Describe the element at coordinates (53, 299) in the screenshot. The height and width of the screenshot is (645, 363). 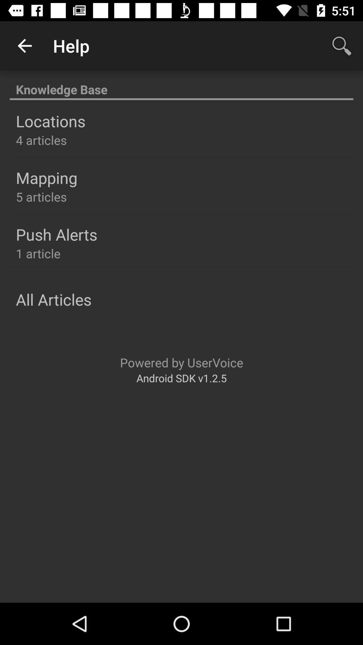
I see `item above the powered by uservoice icon` at that location.